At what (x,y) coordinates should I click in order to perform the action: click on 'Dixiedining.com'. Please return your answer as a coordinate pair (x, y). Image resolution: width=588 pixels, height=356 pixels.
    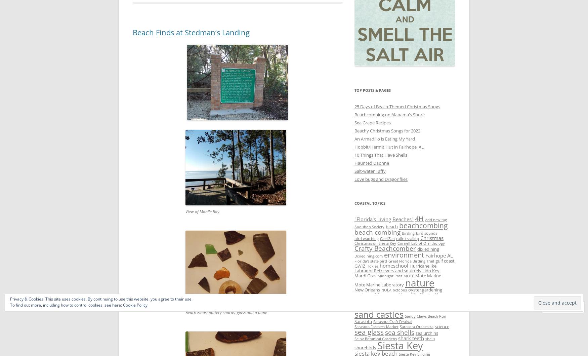
    Looking at the image, I should click on (354, 255).